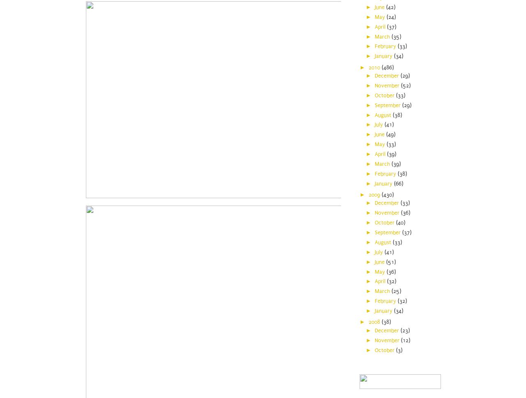 Image resolution: width=526 pixels, height=398 pixels. I want to click on '(51)', so click(390, 261).